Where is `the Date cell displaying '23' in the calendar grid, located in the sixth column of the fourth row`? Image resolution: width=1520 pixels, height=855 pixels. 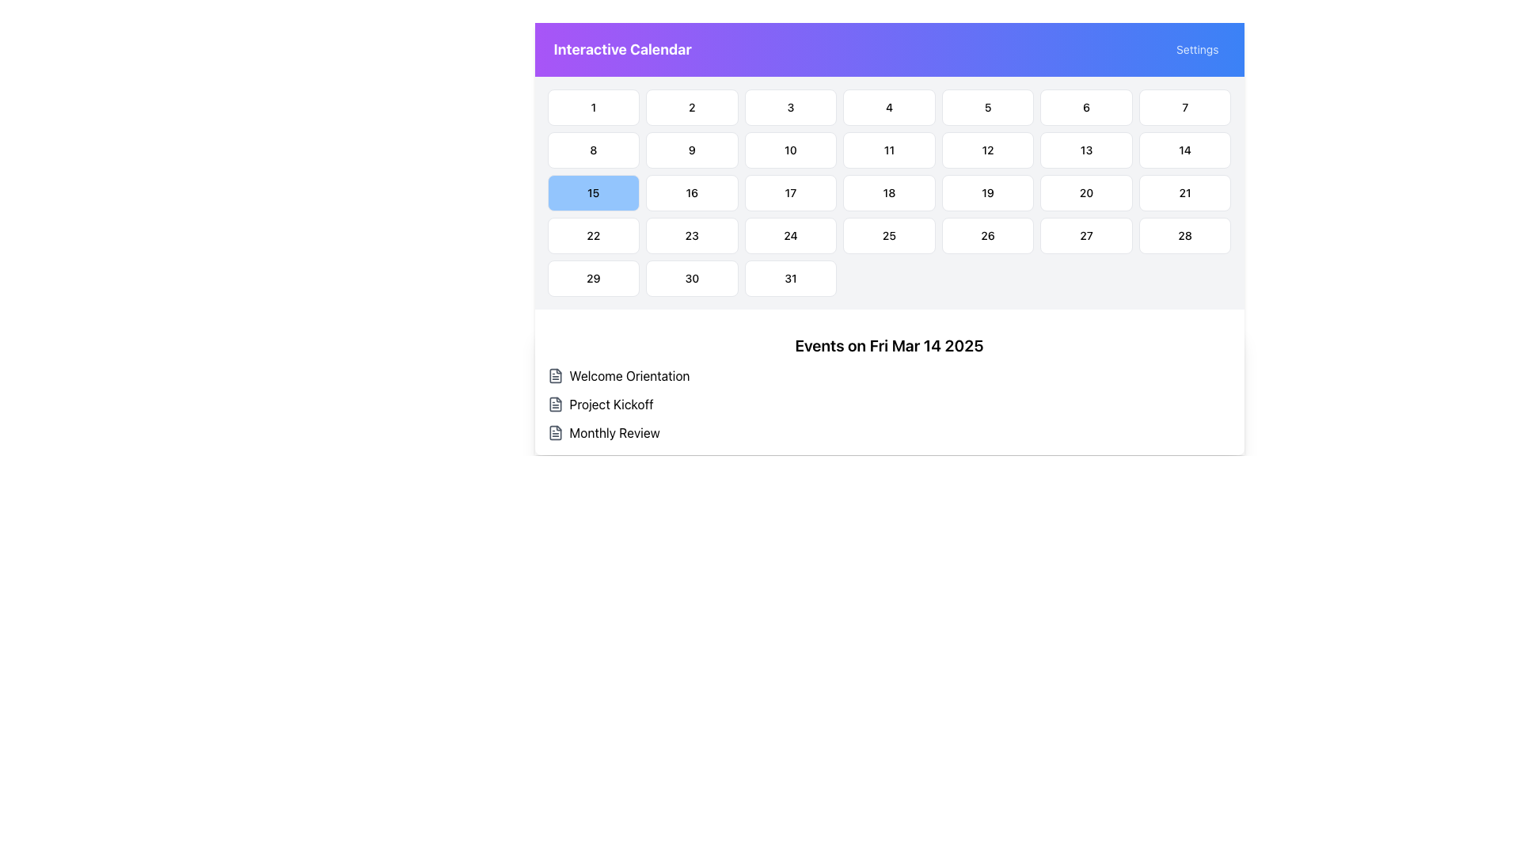
the Date cell displaying '23' in the calendar grid, located in the sixth column of the fourth row is located at coordinates (691, 235).